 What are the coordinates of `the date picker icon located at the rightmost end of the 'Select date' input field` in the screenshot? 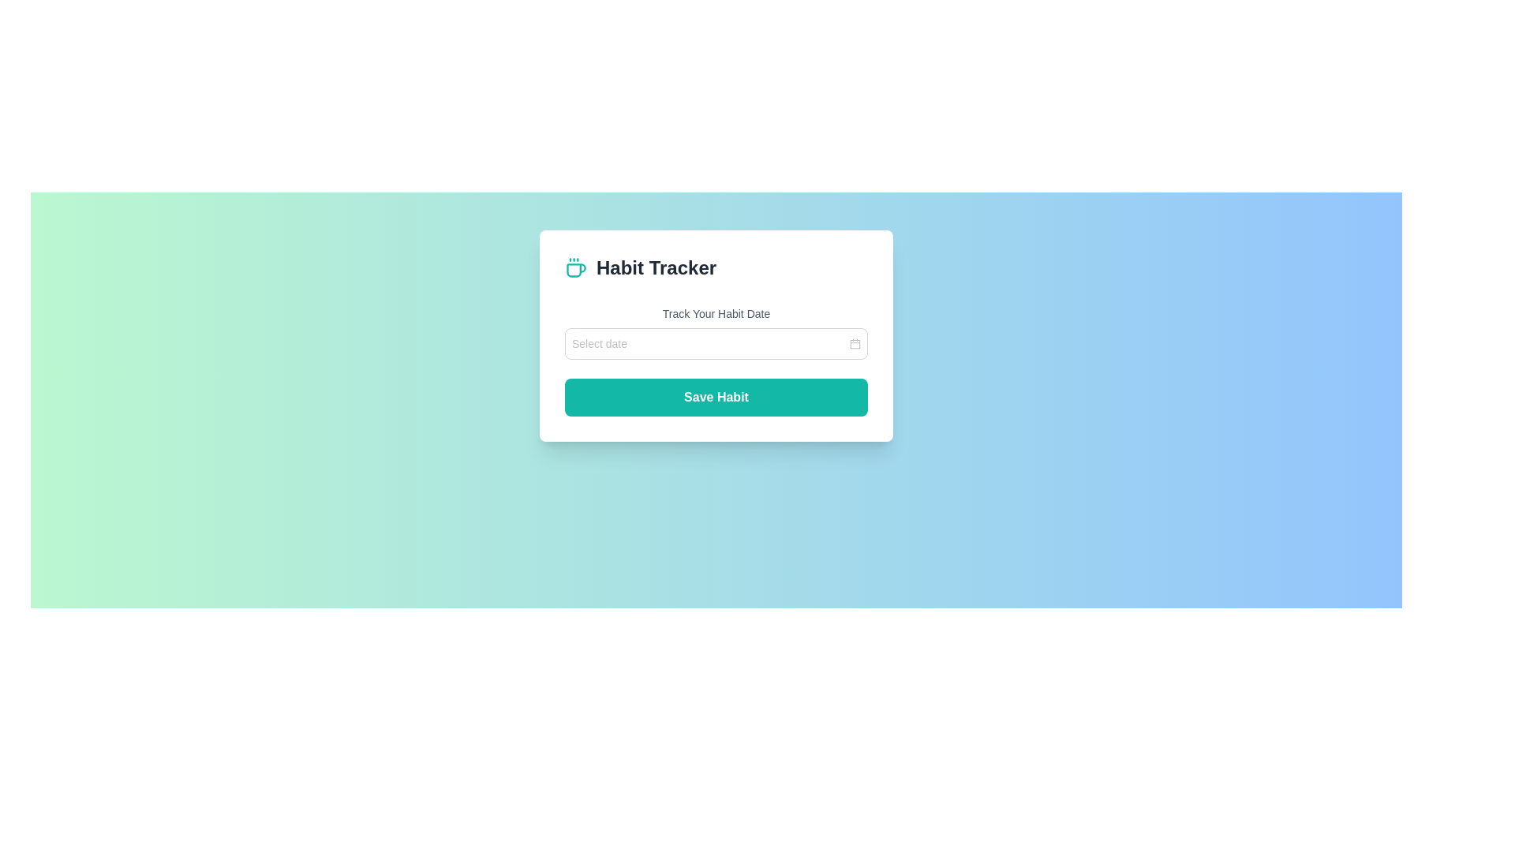 It's located at (855, 342).